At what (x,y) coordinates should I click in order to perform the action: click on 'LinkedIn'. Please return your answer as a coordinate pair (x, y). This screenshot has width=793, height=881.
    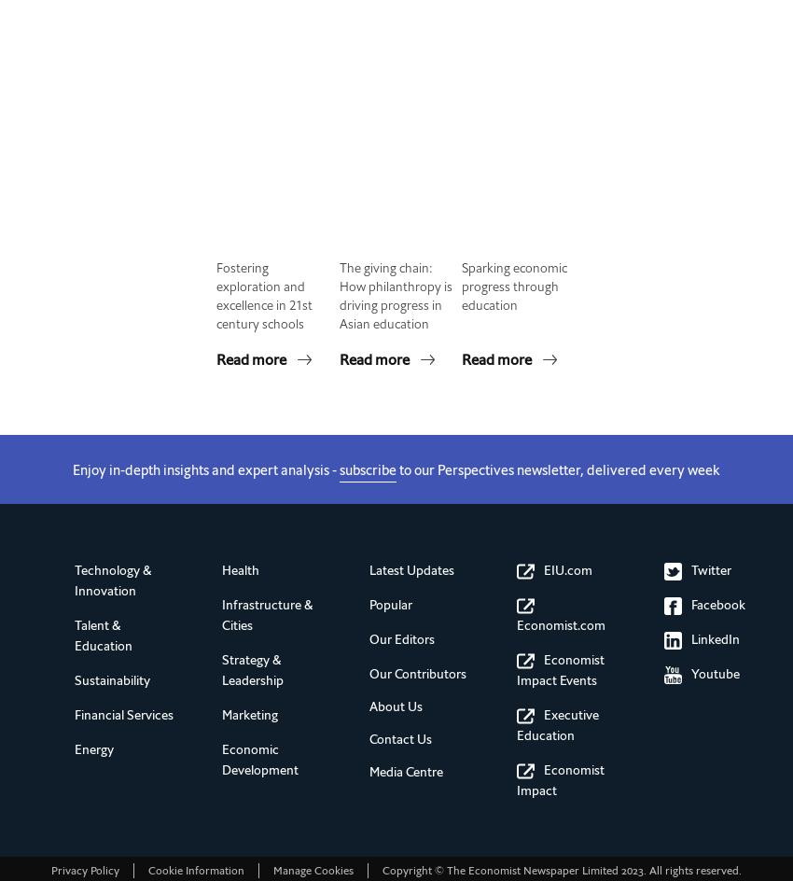
    Looking at the image, I should click on (715, 638).